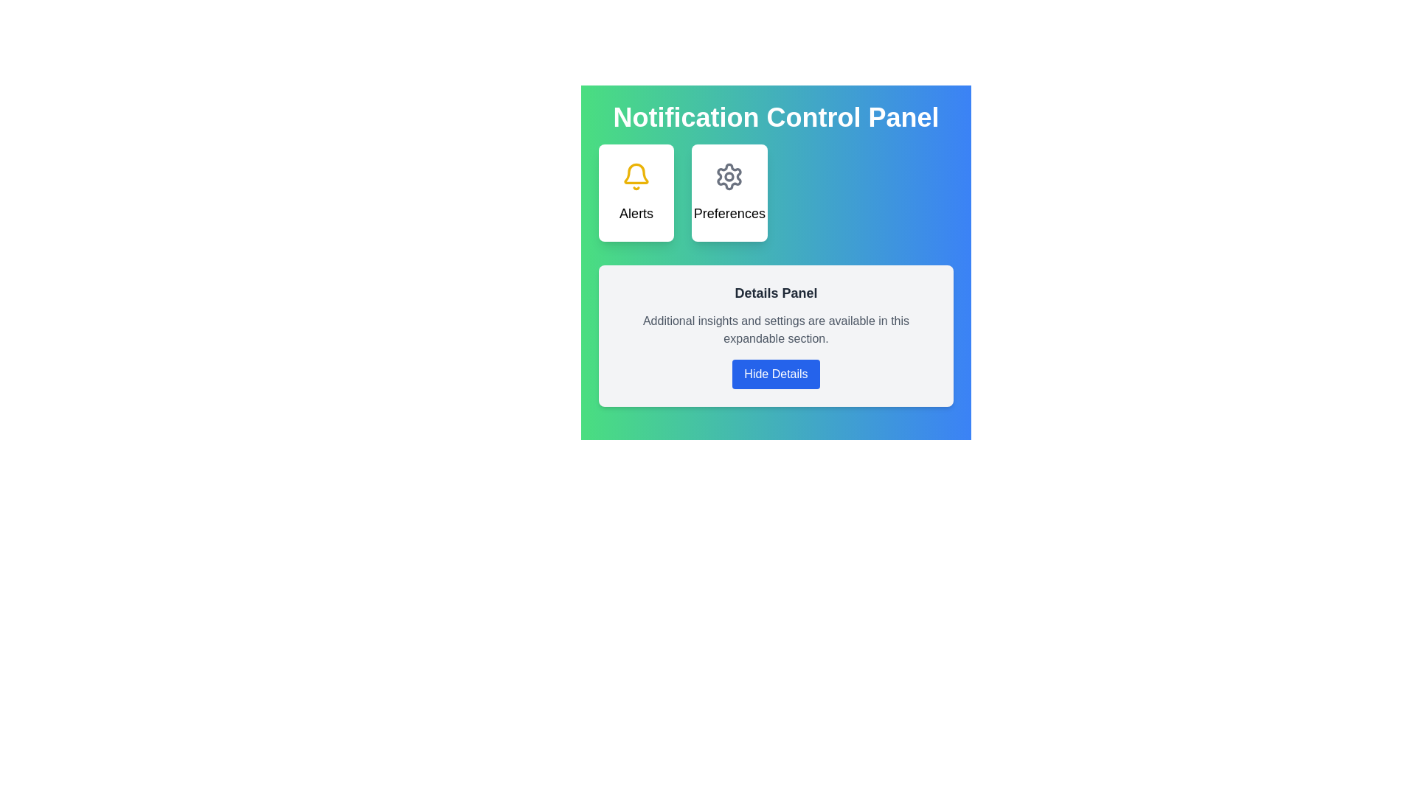 This screenshot has width=1416, height=796. What do you see at coordinates (775, 253) in the screenshot?
I see `the button labeled 'Hide Details' located within the 'Notification Control Panel' to hide the details section` at bounding box center [775, 253].